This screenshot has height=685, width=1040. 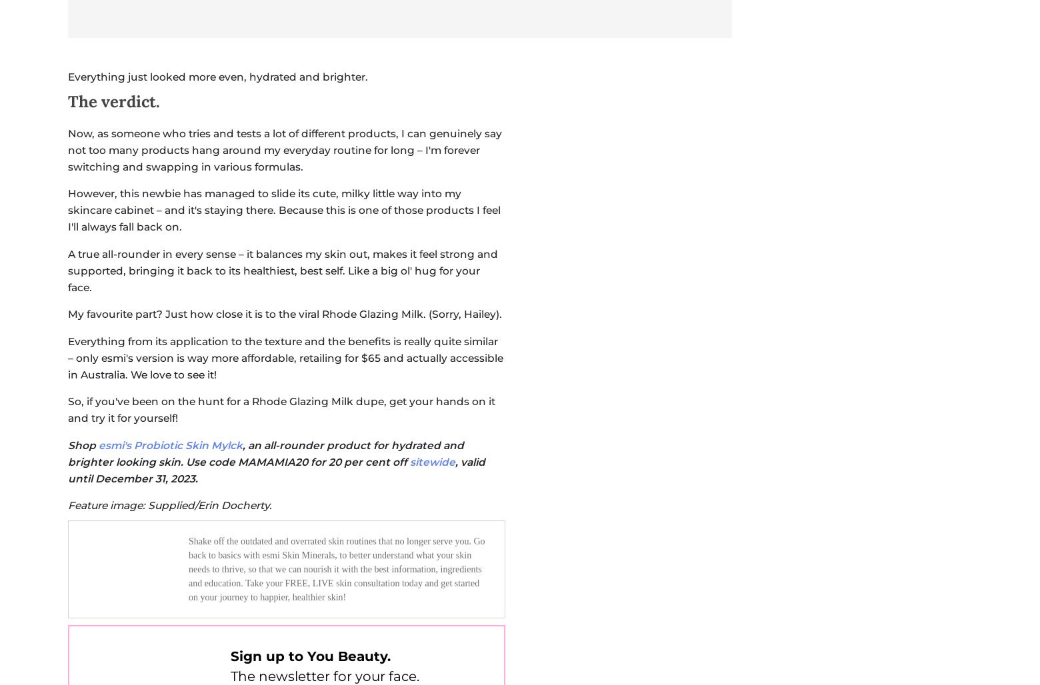 I want to click on 'Royal', so click(x=312, y=297).